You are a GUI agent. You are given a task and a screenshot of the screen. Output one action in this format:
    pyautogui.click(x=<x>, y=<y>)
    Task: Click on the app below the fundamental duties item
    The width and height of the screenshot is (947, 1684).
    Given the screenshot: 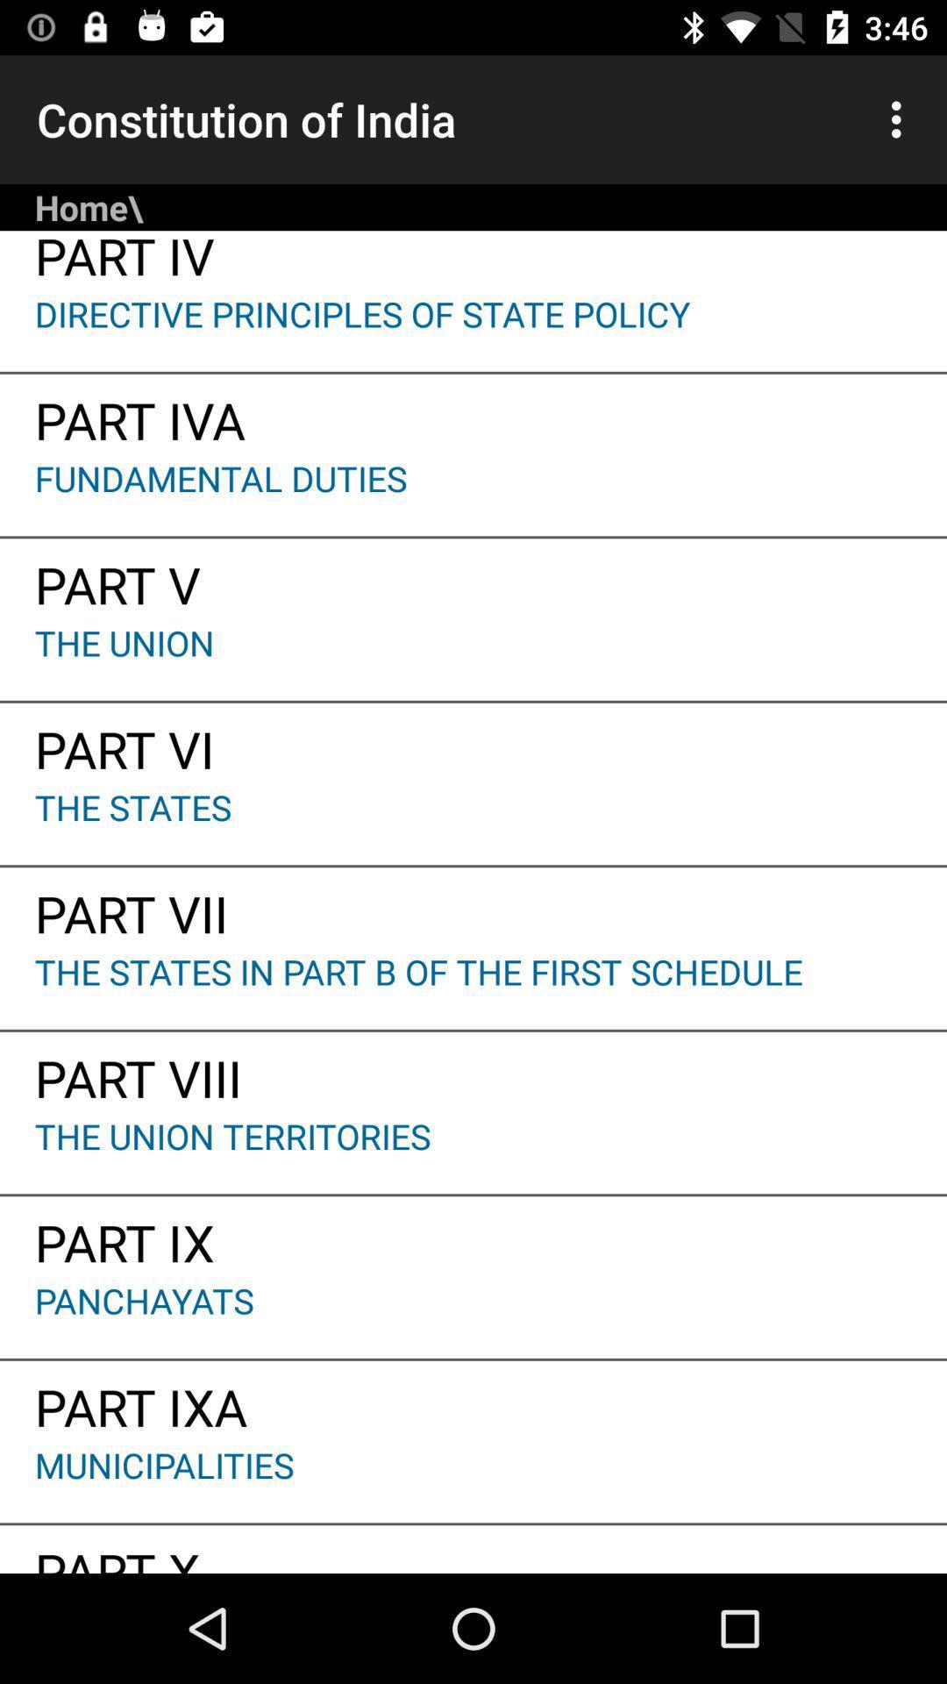 What is the action you would take?
    pyautogui.click(x=473, y=579)
    